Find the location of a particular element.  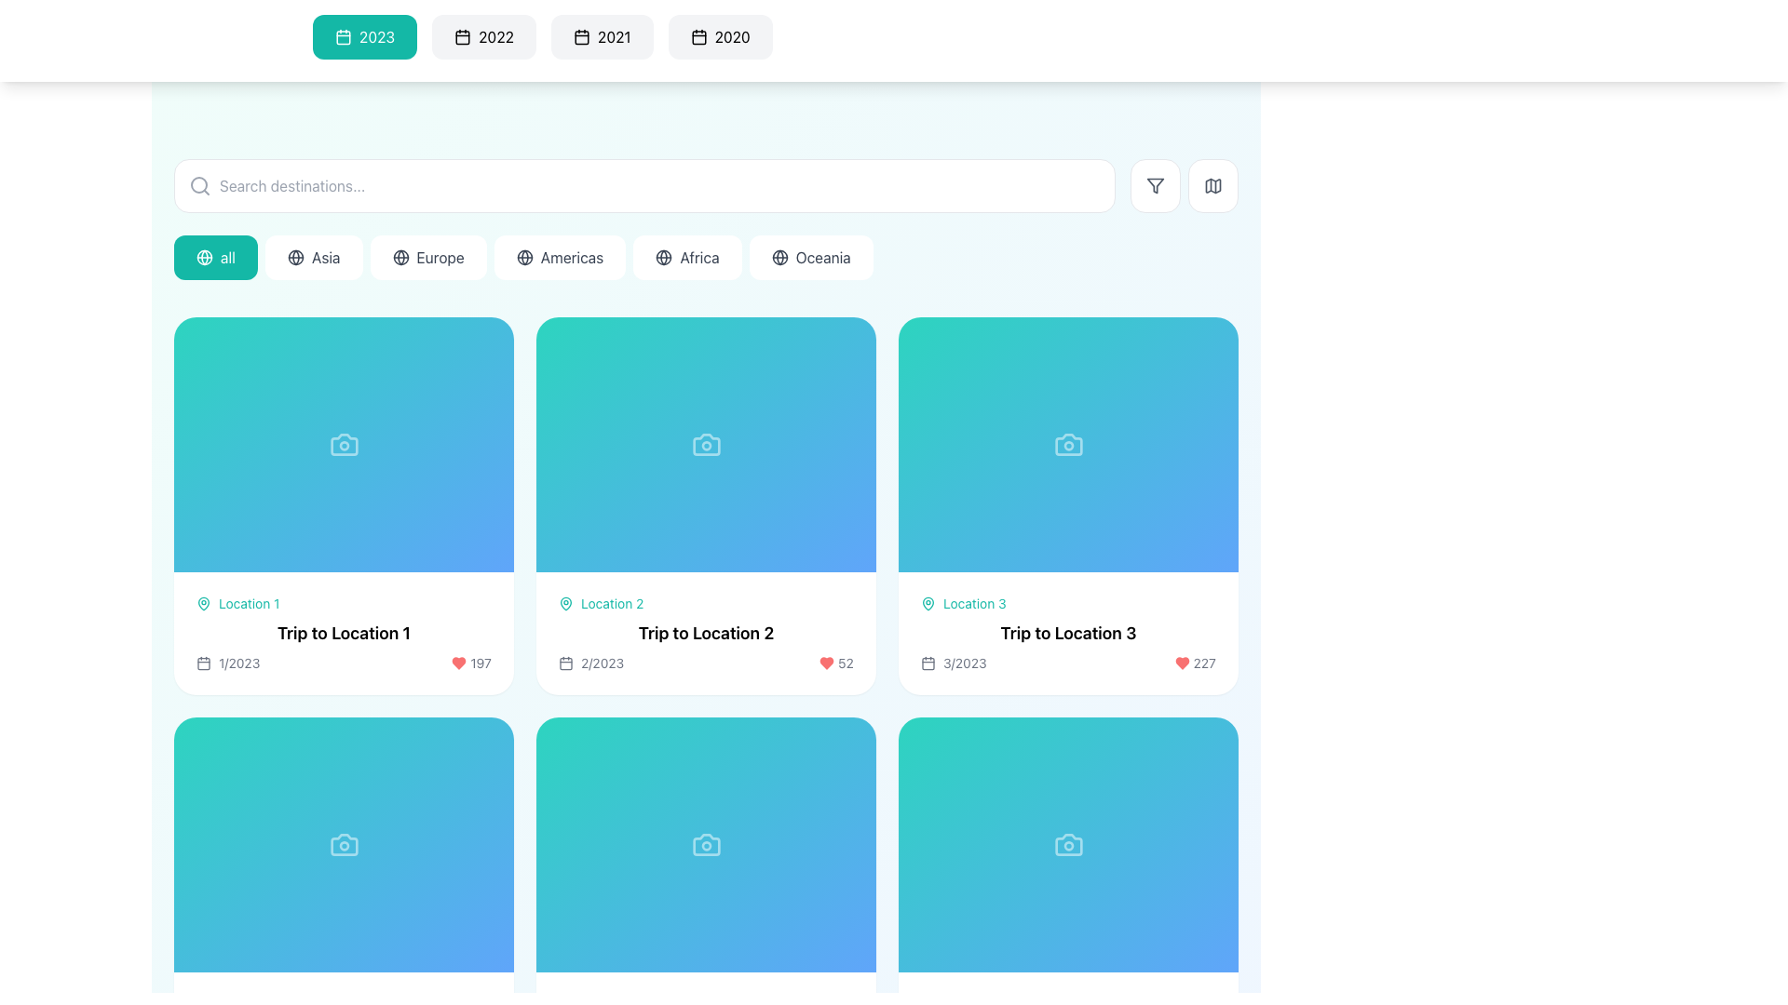

the 'Europe' filter button, which is the third option in the horizontal list of regions under the search bar is located at coordinates (427, 258).